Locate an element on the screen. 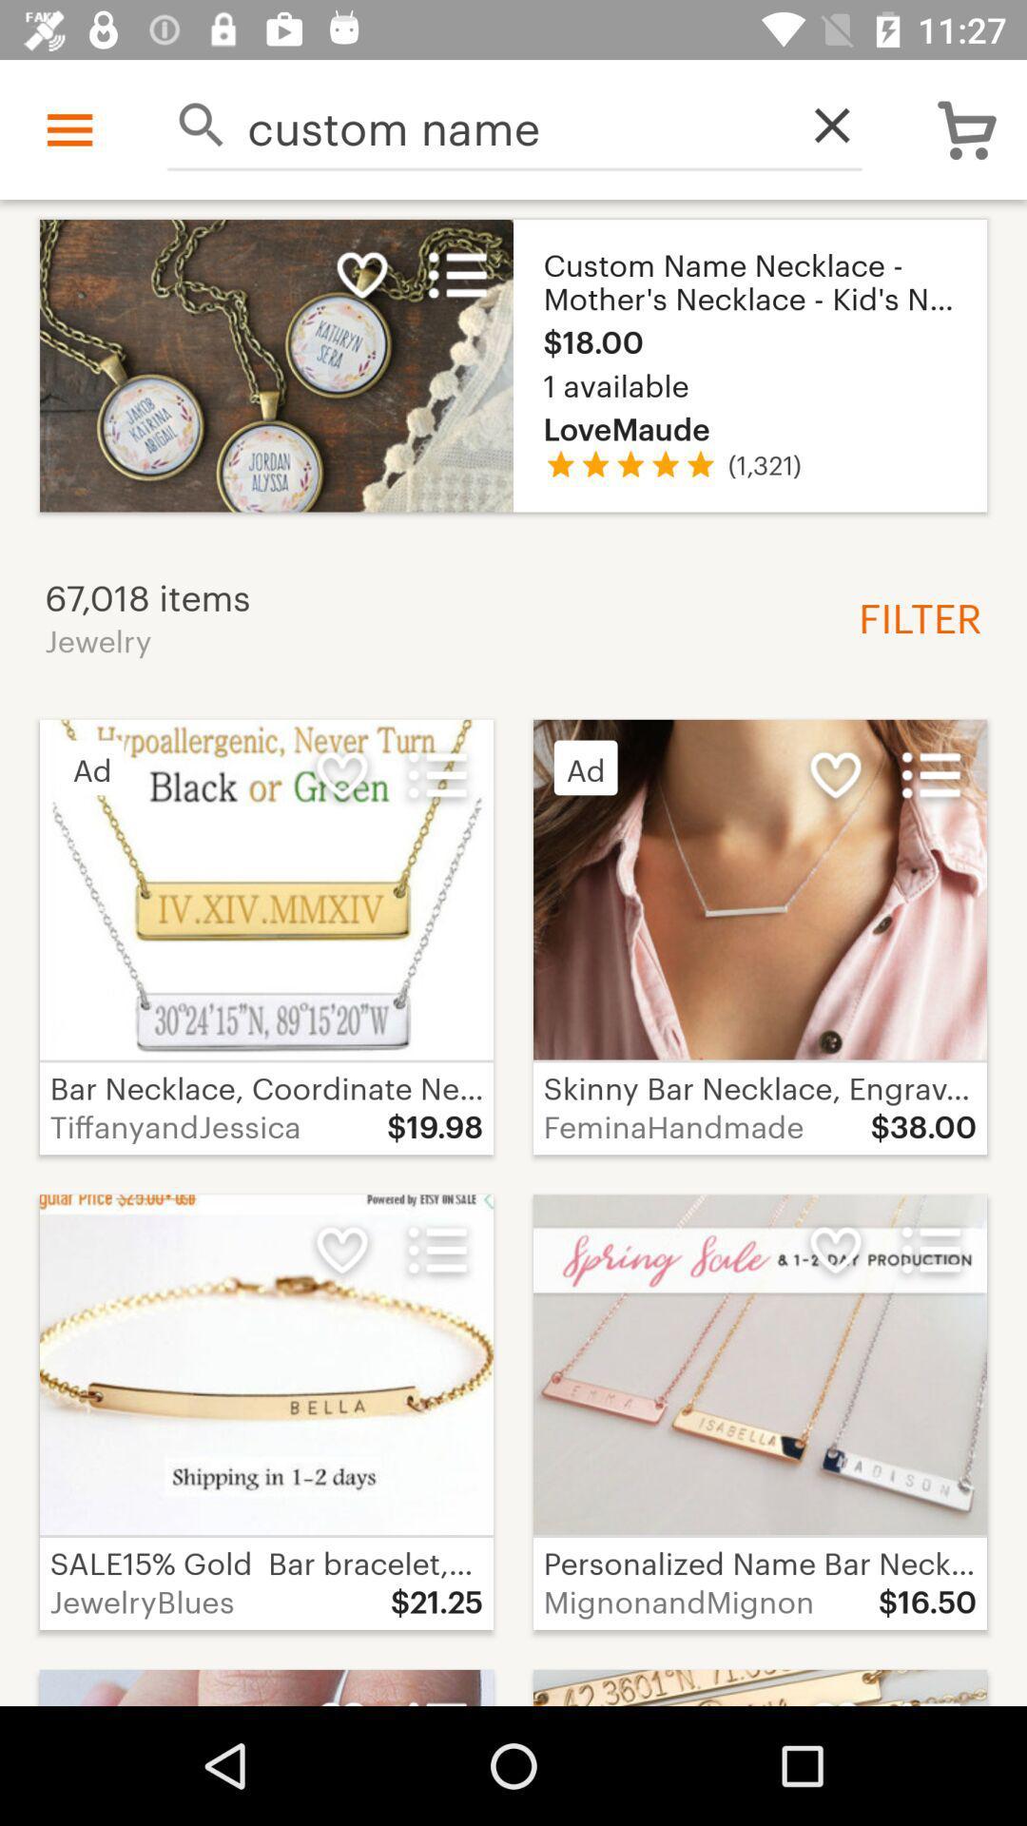 The image size is (1027, 1826). item to the right of custom name is located at coordinates (821, 124).